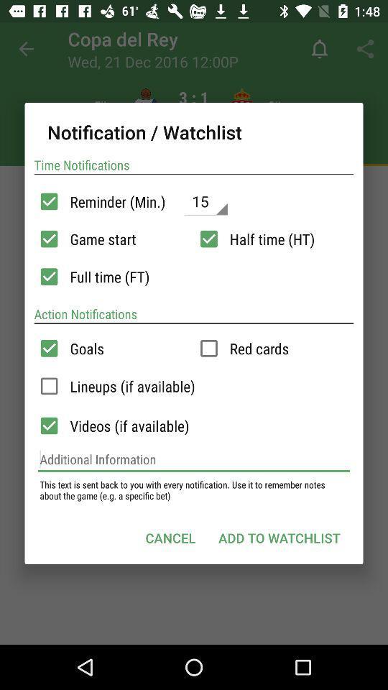  I want to click on settings, so click(208, 239).